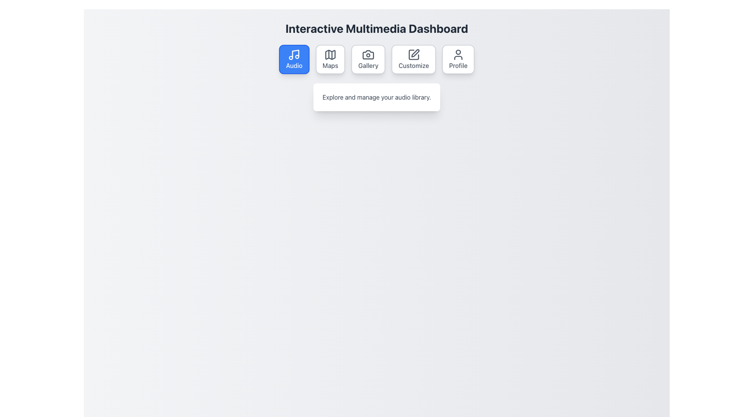 This screenshot has width=742, height=417. Describe the element at coordinates (294, 54) in the screenshot. I see `the 'Audio' icon located within the first button of the horizontal navigation options at the top center of the interface` at that location.